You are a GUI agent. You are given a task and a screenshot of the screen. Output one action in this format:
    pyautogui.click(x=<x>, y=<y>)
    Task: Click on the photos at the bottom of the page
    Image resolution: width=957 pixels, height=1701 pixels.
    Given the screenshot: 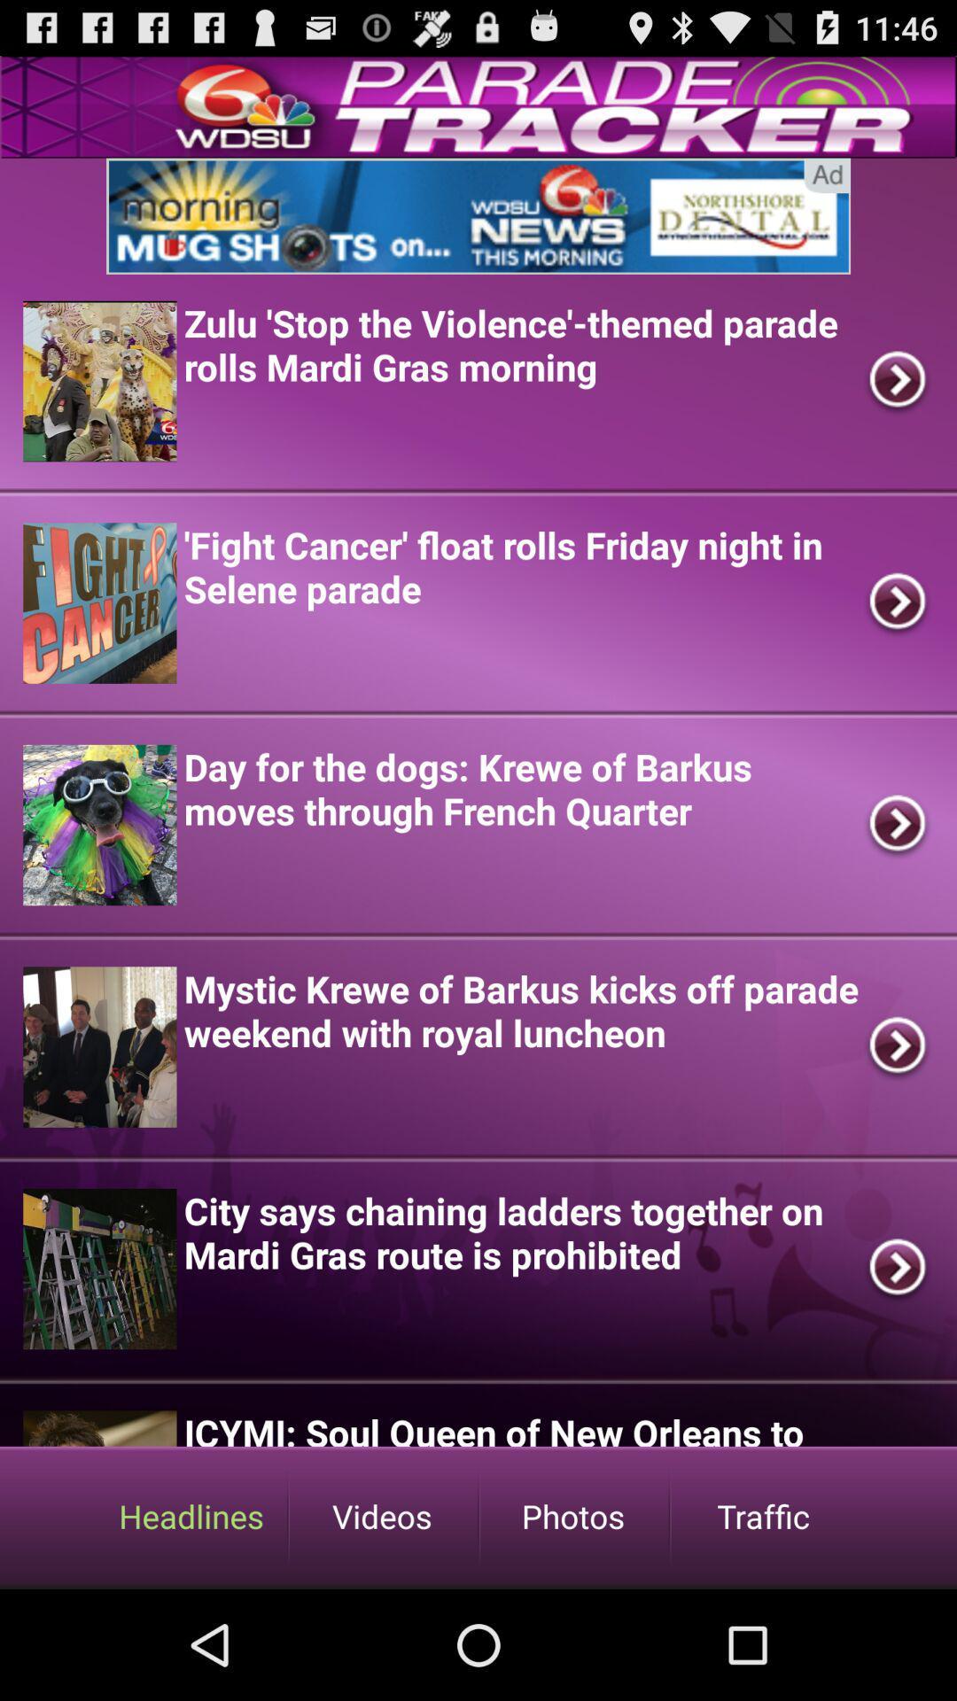 What is the action you would take?
    pyautogui.click(x=573, y=1515)
    